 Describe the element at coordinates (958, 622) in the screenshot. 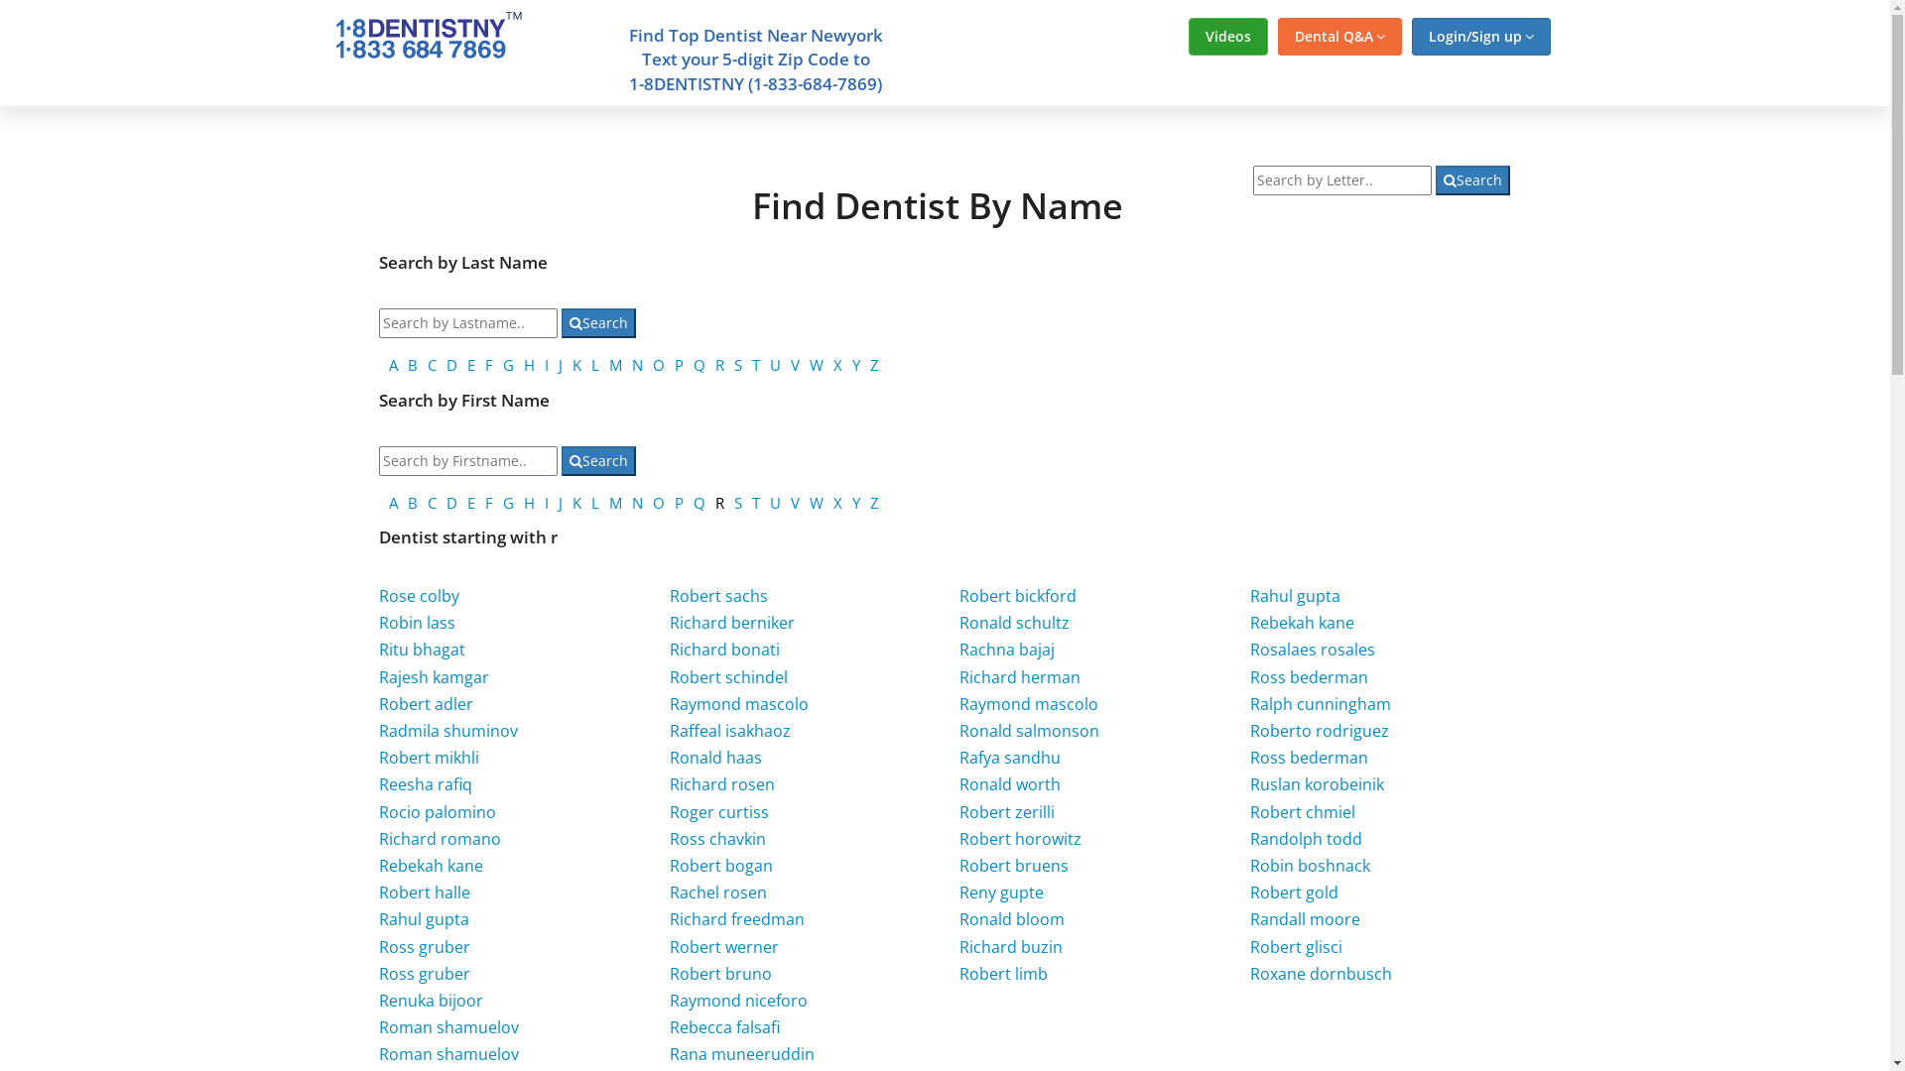

I see `'Ronald schultz'` at that location.